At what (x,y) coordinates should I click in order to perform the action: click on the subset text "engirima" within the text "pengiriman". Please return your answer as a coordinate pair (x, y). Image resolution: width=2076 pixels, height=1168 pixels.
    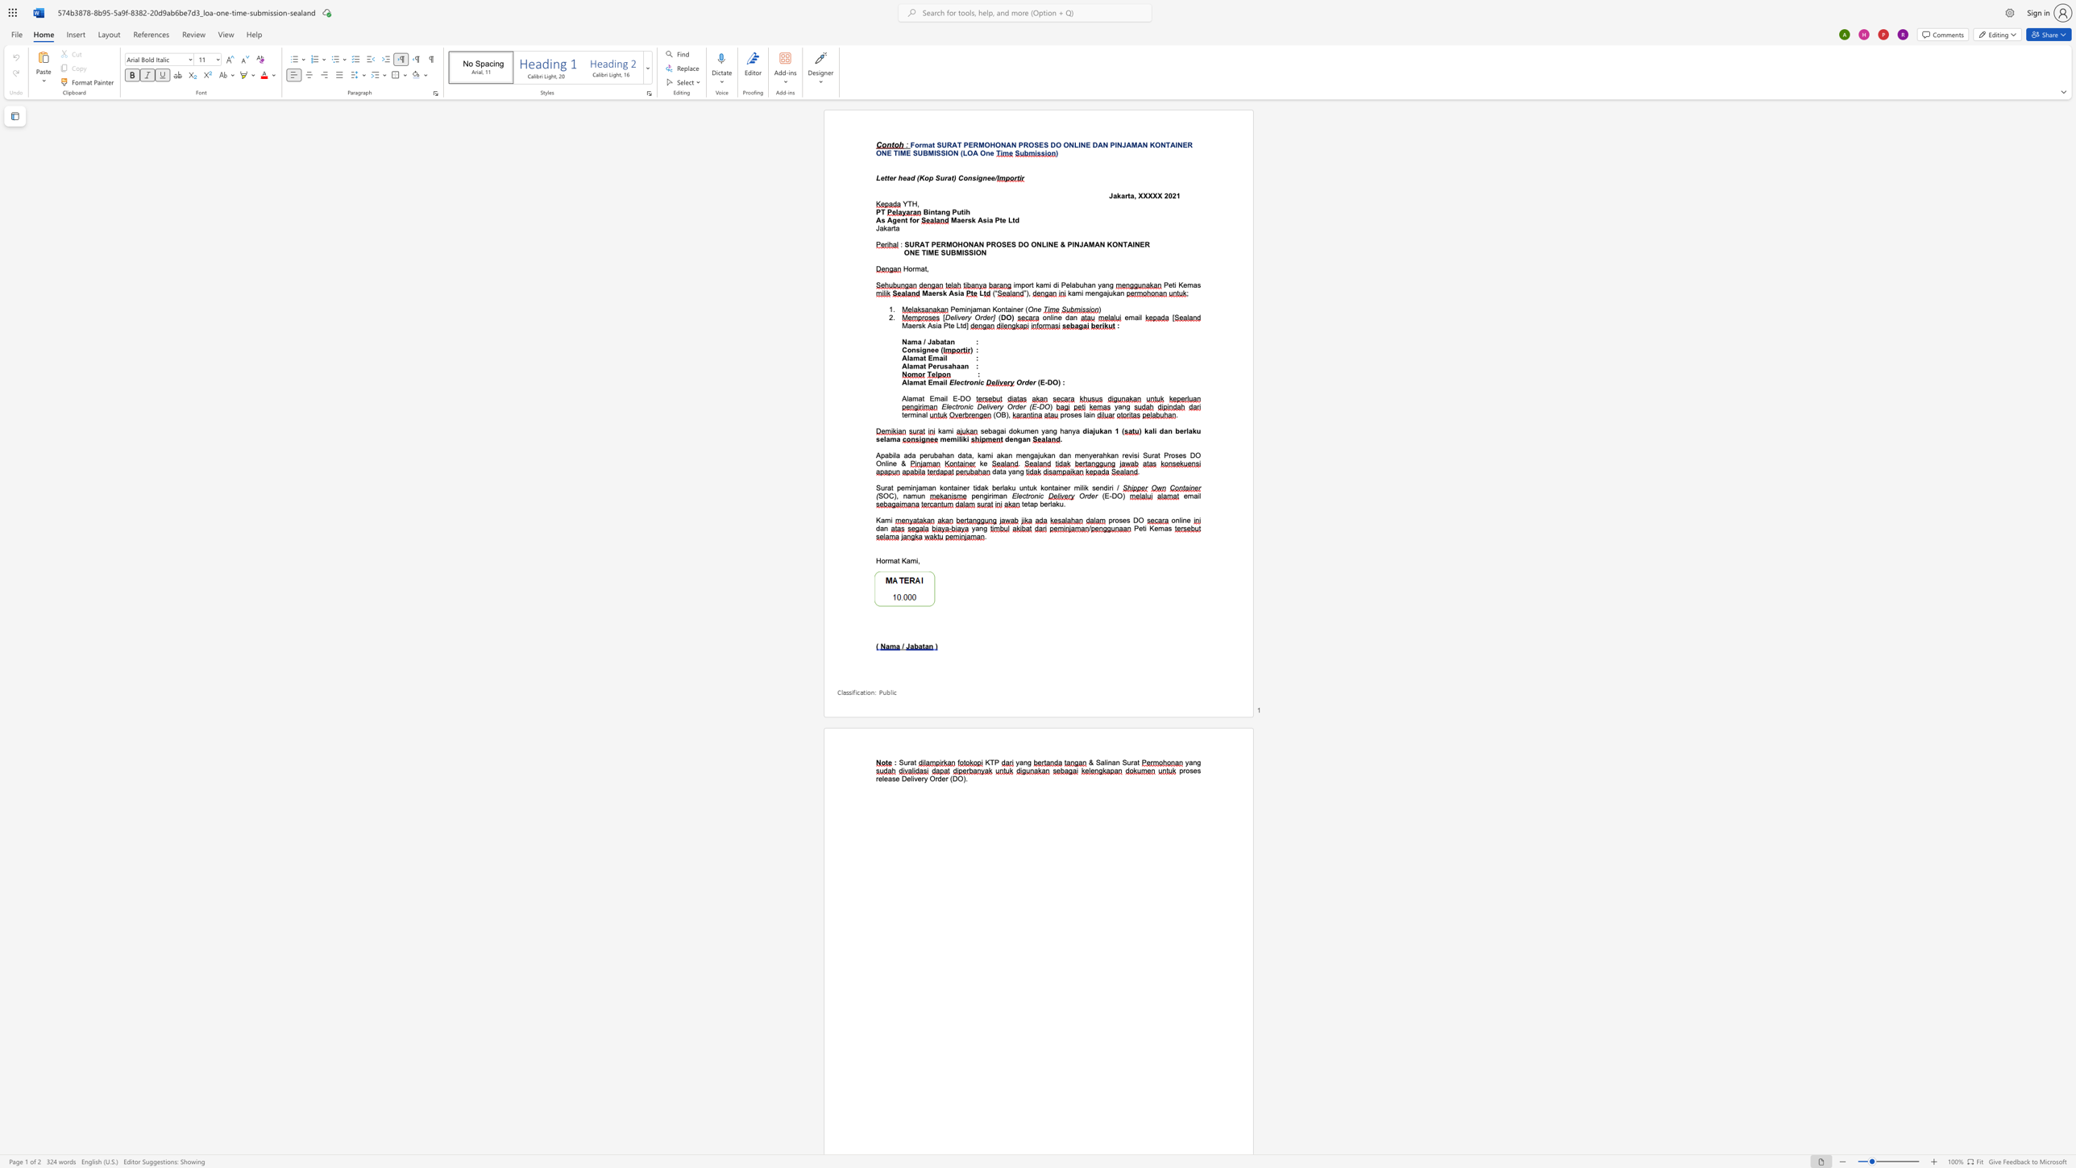
    Looking at the image, I should click on (975, 495).